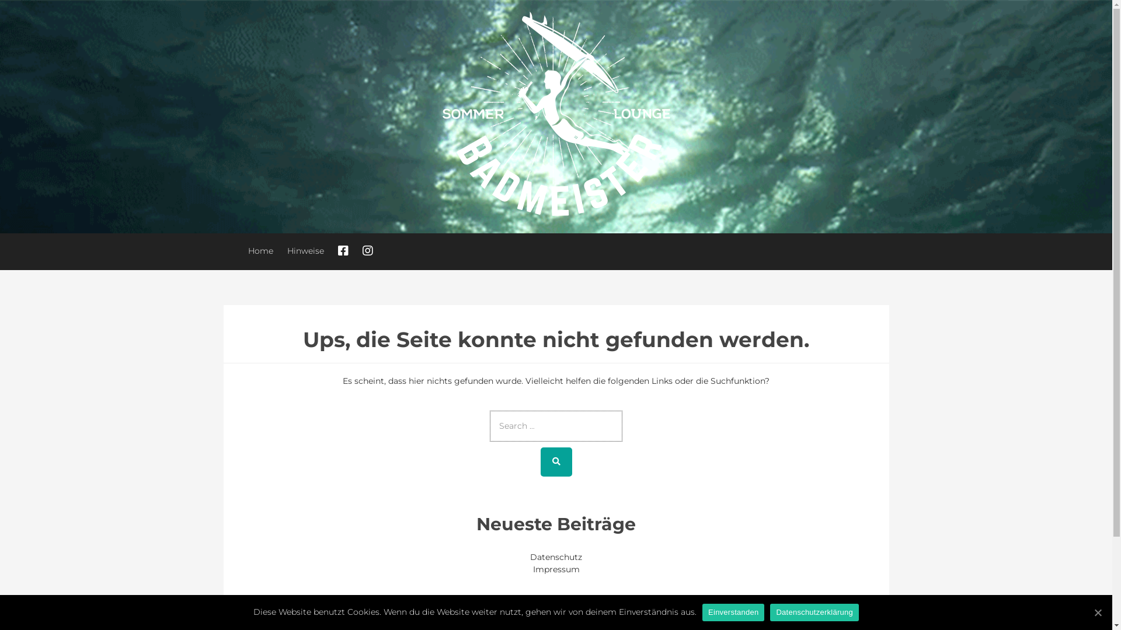  Describe the element at coordinates (555, 426) in the screenshot. I see `'Search for:'` at that location.